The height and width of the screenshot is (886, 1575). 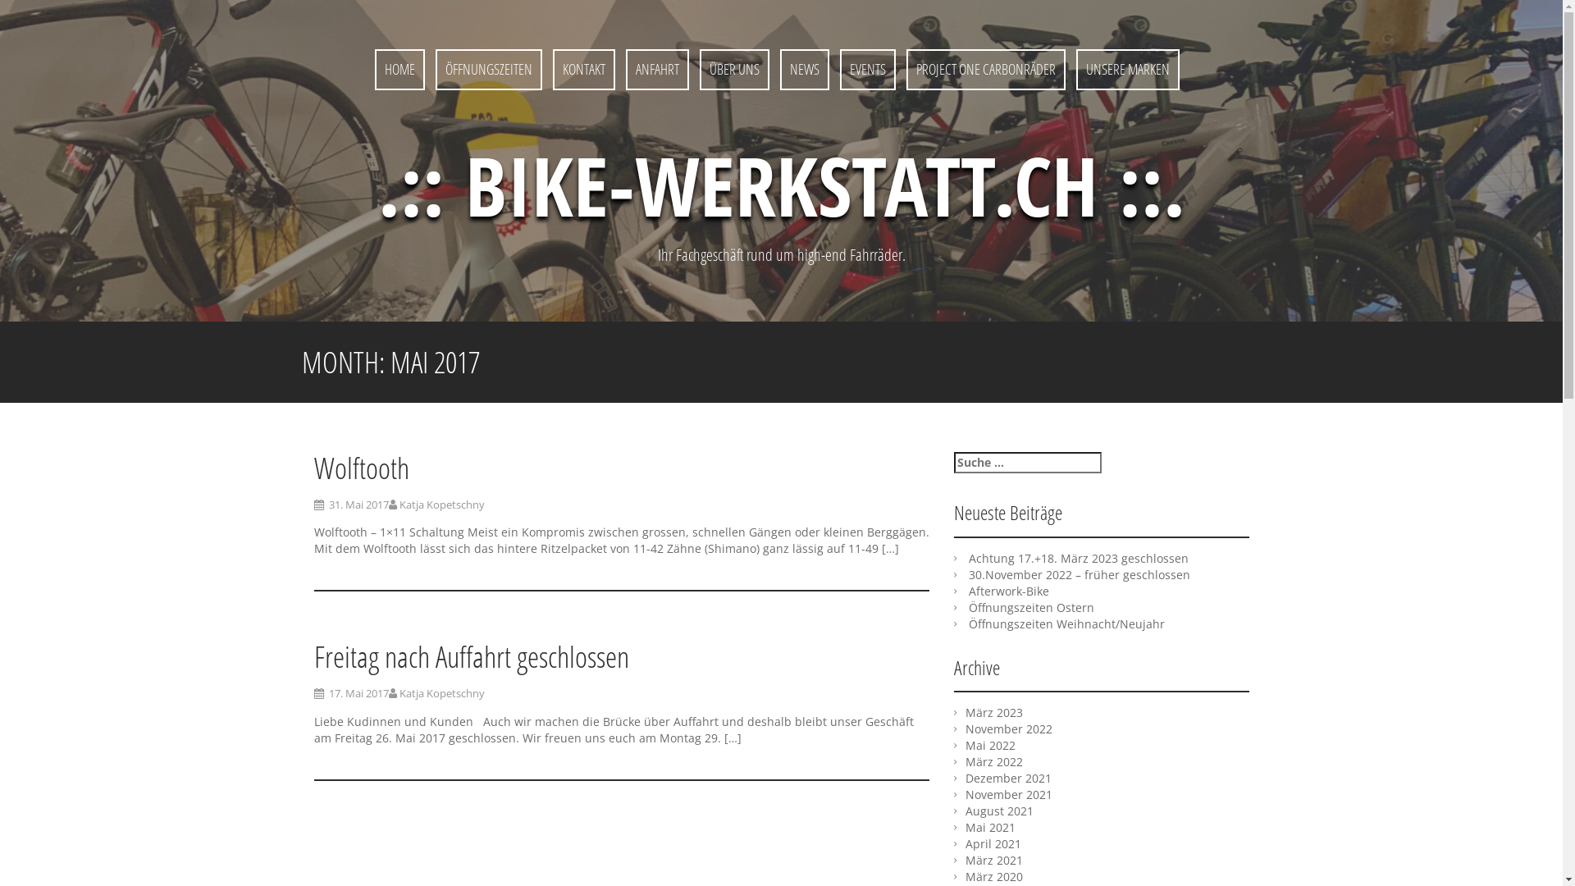 I want to click on 'April 2021', so click(x=991, y=843).